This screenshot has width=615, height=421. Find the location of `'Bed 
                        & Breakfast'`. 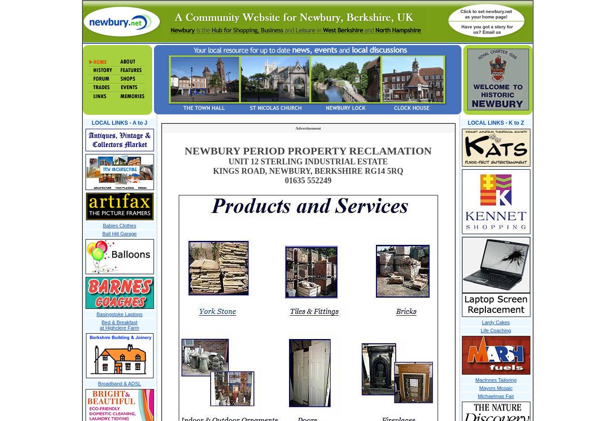

'Bed 
                        & Breakfast' is located at coordinates (119, 322).